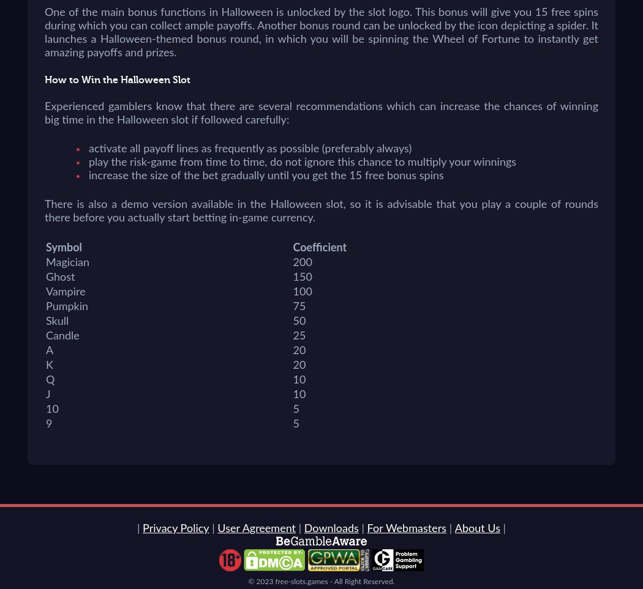  Describe the element at coordinates (321, 212) in the screenshot. I see `'There is also a demo version available in the Halloween slot, so it is advisable that you play a couple of rounds there before you actually start betting in-game currency.'` at that location.